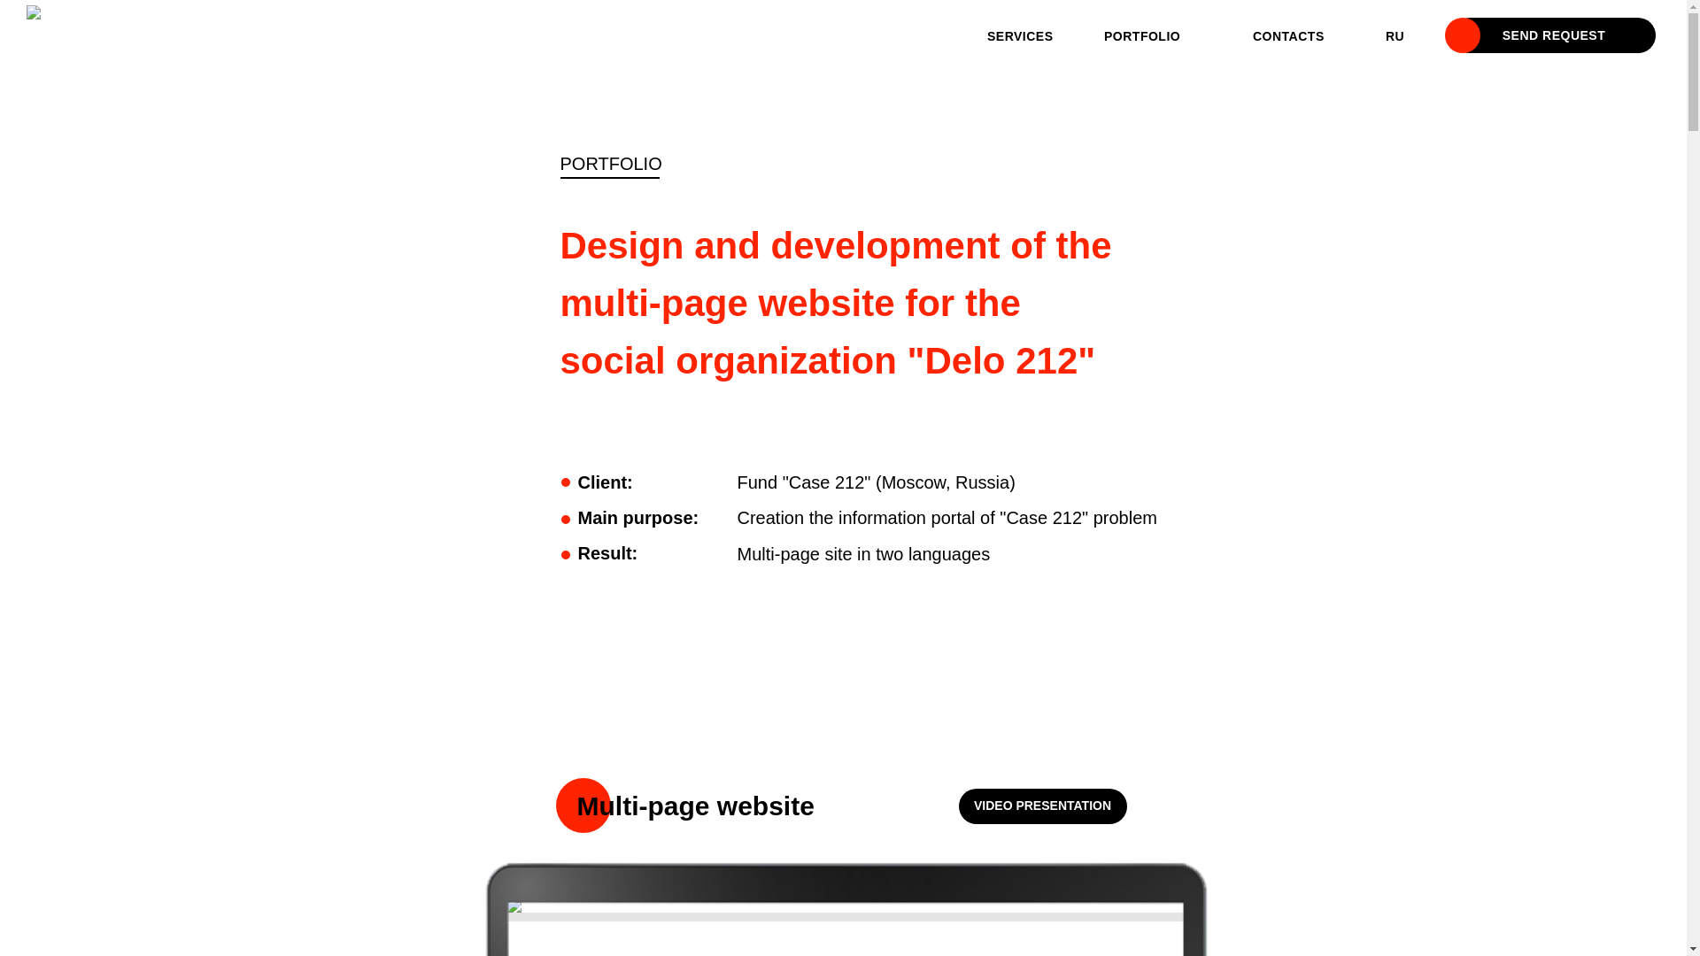 This screenshot has width=1700, height=956. What do you see at coordinates (1553, 35) in the screenshot?
I see `'SEND REQUEST'` at bounding box center [1553, 35].